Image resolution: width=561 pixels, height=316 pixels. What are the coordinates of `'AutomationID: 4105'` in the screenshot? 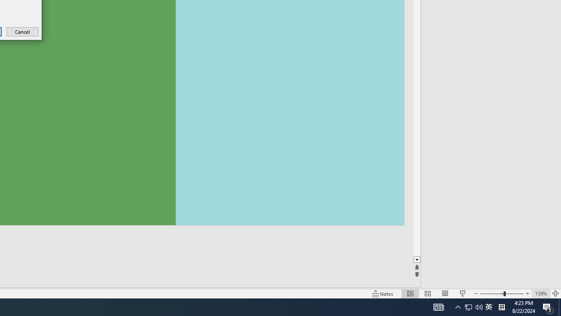 It's located at (438, 306).